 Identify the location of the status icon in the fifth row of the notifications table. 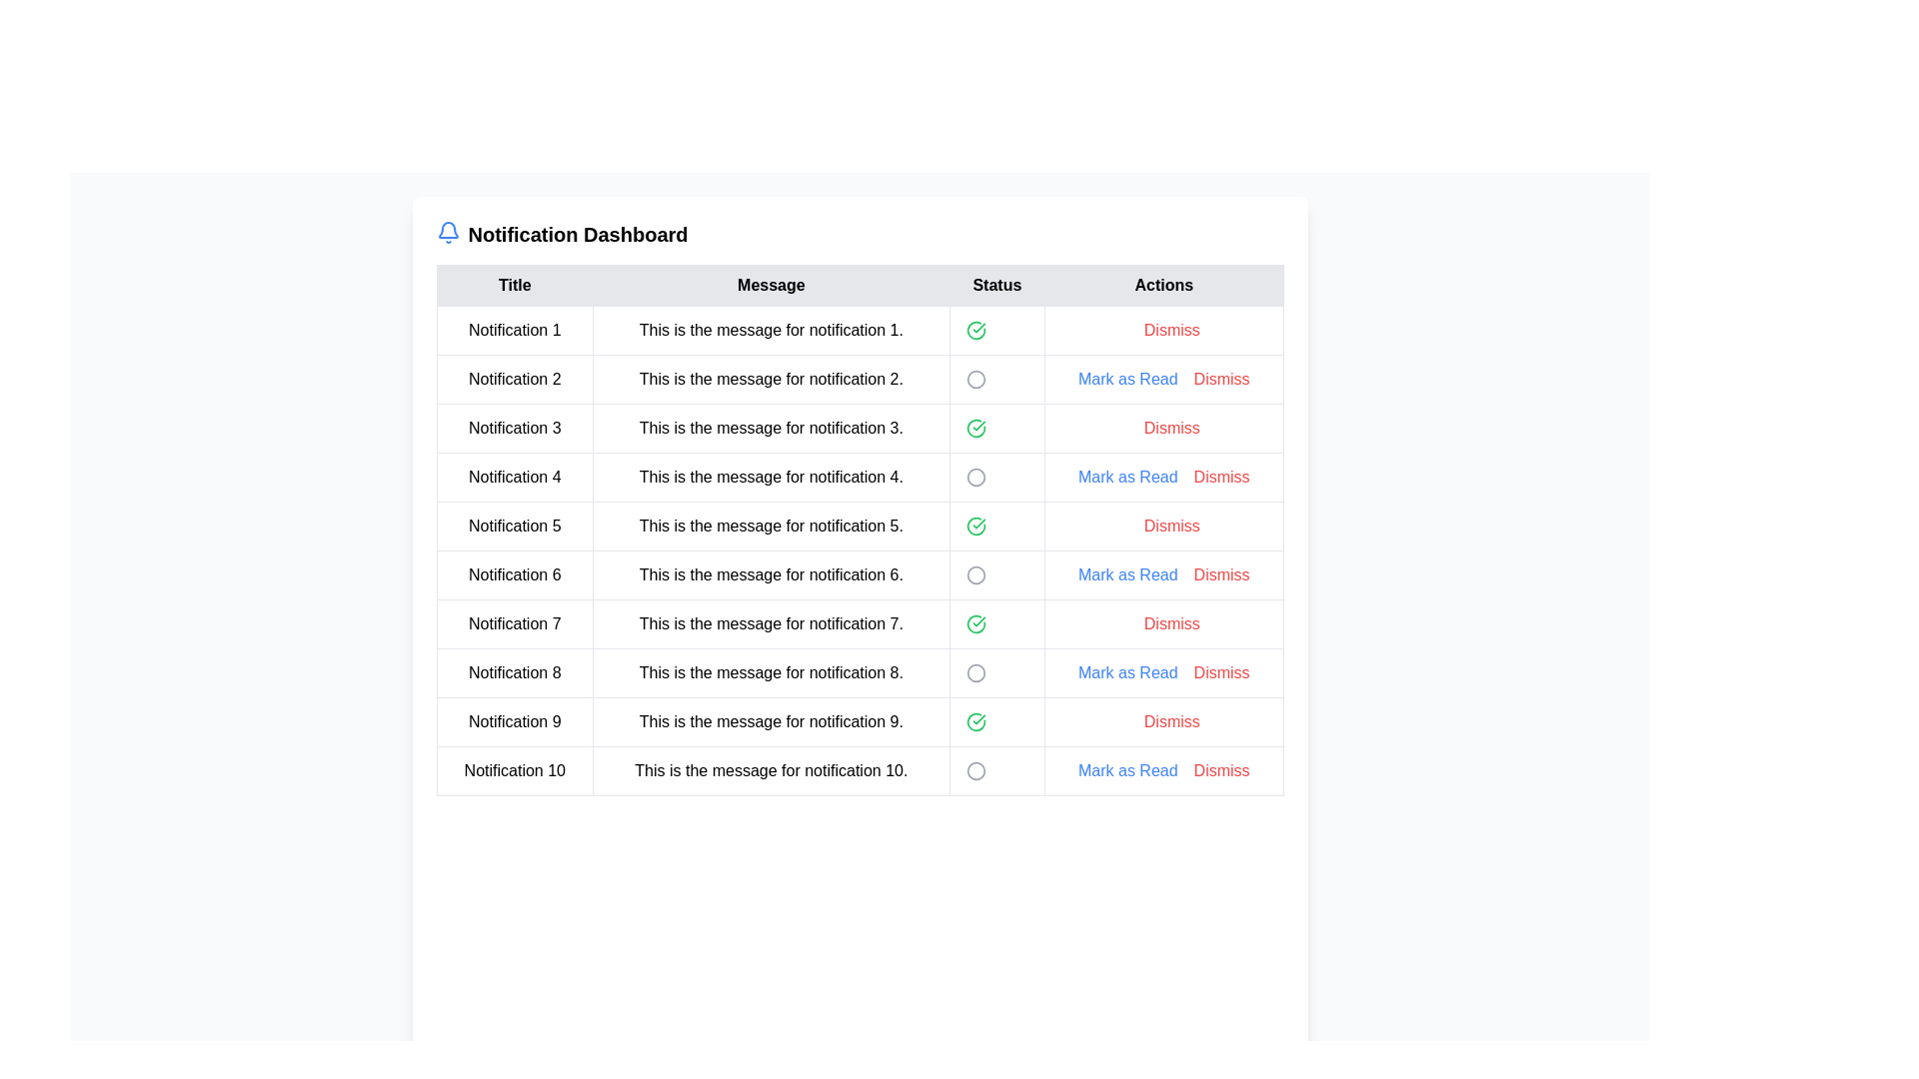
(860, 526).